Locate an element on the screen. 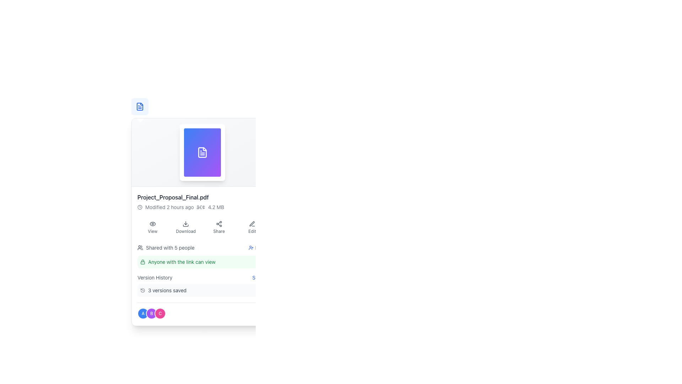 Image resolution: width=682 pixels, height=384 pixels. the 'Download' text label styled in a small, gray-colored font, which is part of a button-like component located beneath a download arrow icon is located at coordinates (186, 231).